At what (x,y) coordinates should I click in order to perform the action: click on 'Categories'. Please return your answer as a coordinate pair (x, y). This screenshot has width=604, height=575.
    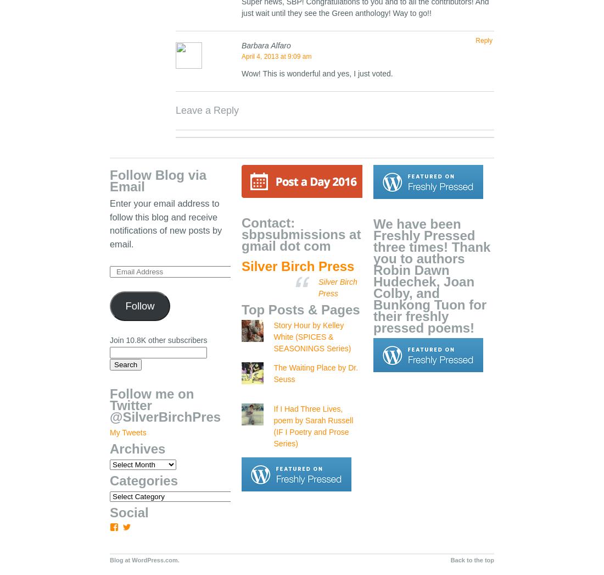
    Looking at the image, I should click on (144, 480).